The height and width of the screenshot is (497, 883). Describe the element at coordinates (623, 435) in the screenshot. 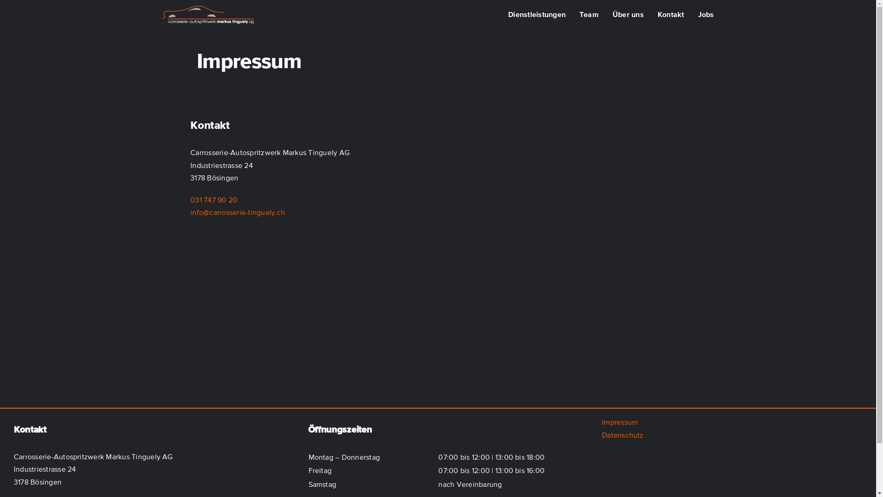

I see `'Datenschutz'` at that location.